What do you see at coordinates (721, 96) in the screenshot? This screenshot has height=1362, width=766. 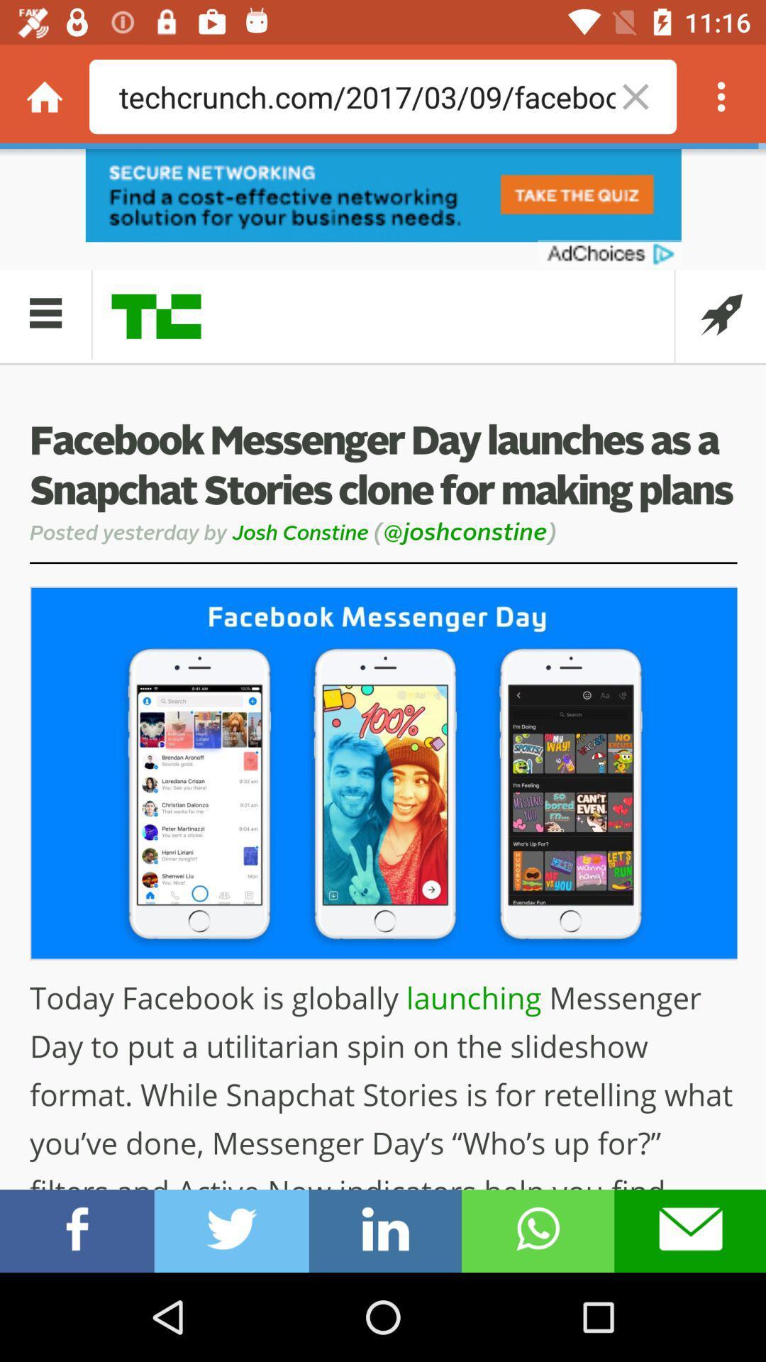 I see `menu page` at bounding box center [721, 96].